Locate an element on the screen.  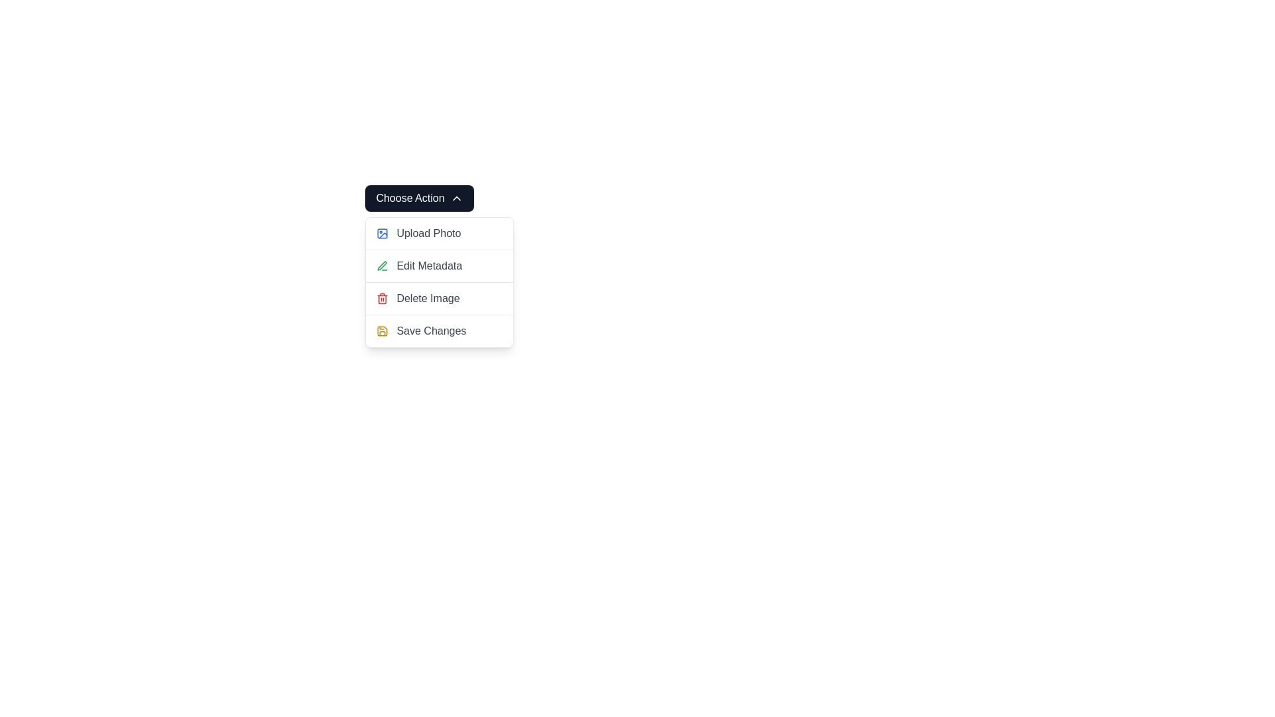
the 'Save Changes' button in the dropdown menu is located at coordinates (440, 330).